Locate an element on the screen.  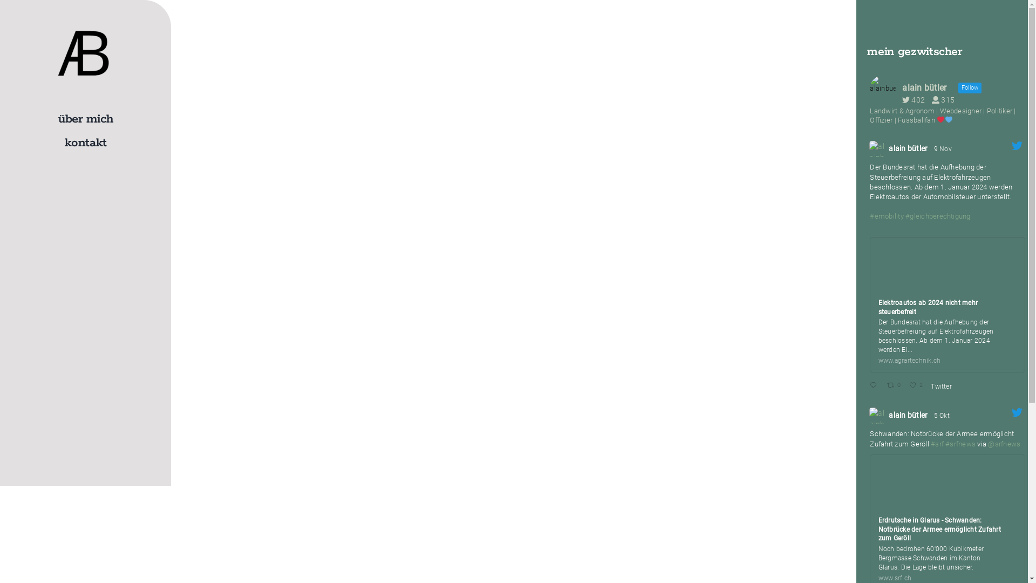
'kontakt' is located at coordinates (85, 143).